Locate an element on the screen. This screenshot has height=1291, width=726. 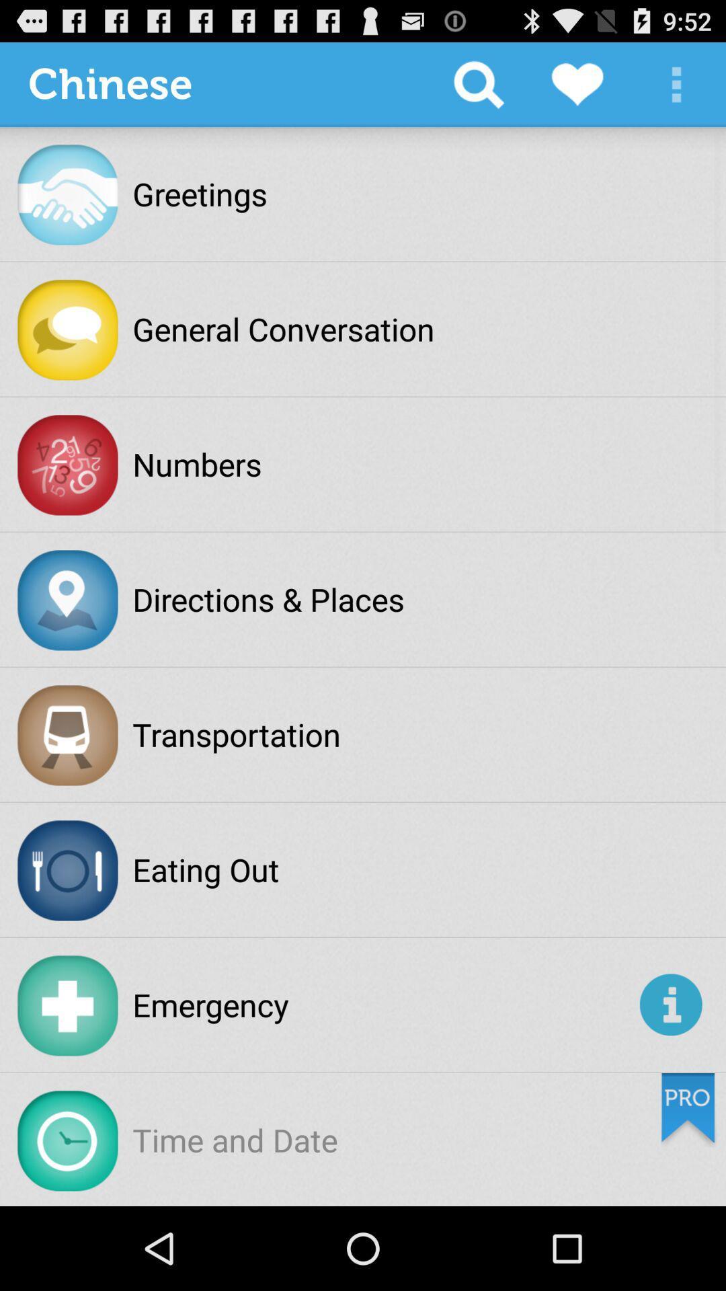
the time and date icon is located at coordinates (234, 1139).